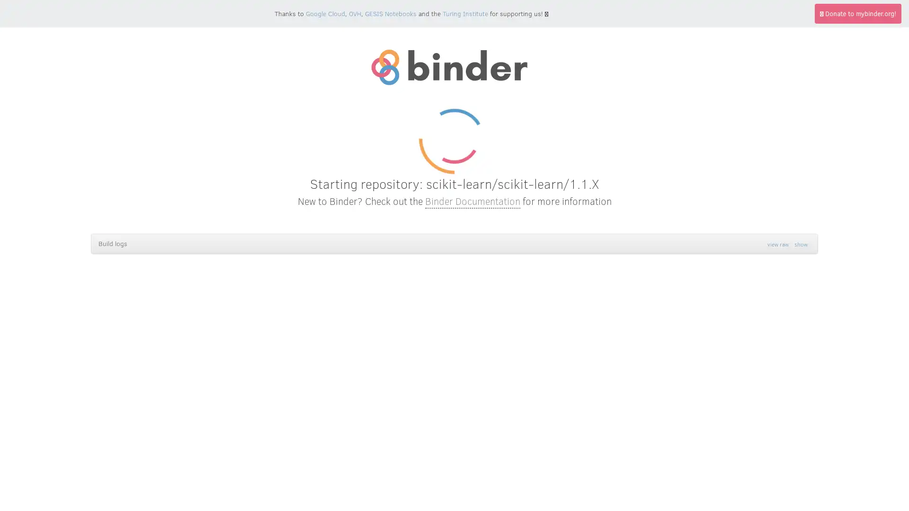 The width and height of the screenshot is (909, 511). Describe the element at coordinates (801, 244) in the screenshot. I see `show` at that location.